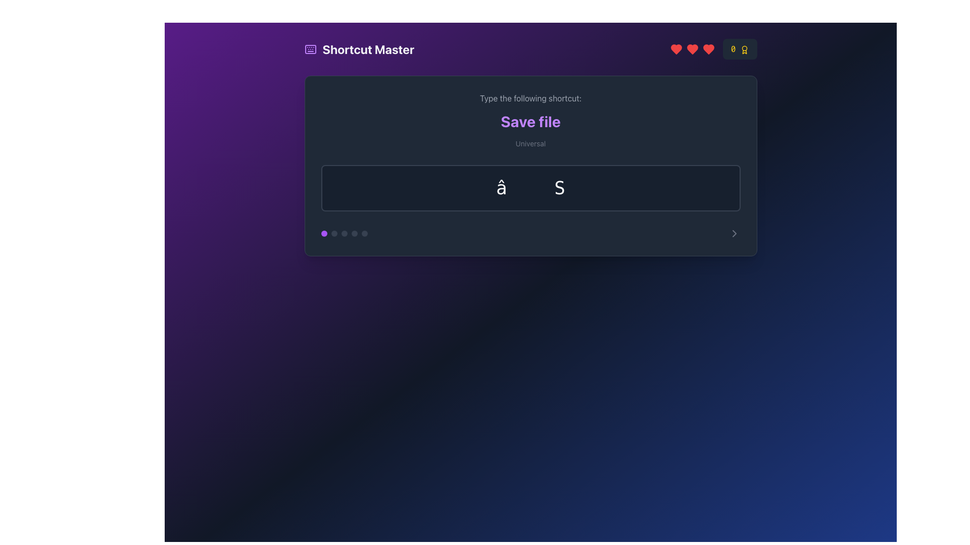 This screenshot has width=970, height=545. Describe the element at coordinates (676, 49) in the screenshot. I see `the first heart-shaped SVG icon located at the top-right corner of the interface` at that location.